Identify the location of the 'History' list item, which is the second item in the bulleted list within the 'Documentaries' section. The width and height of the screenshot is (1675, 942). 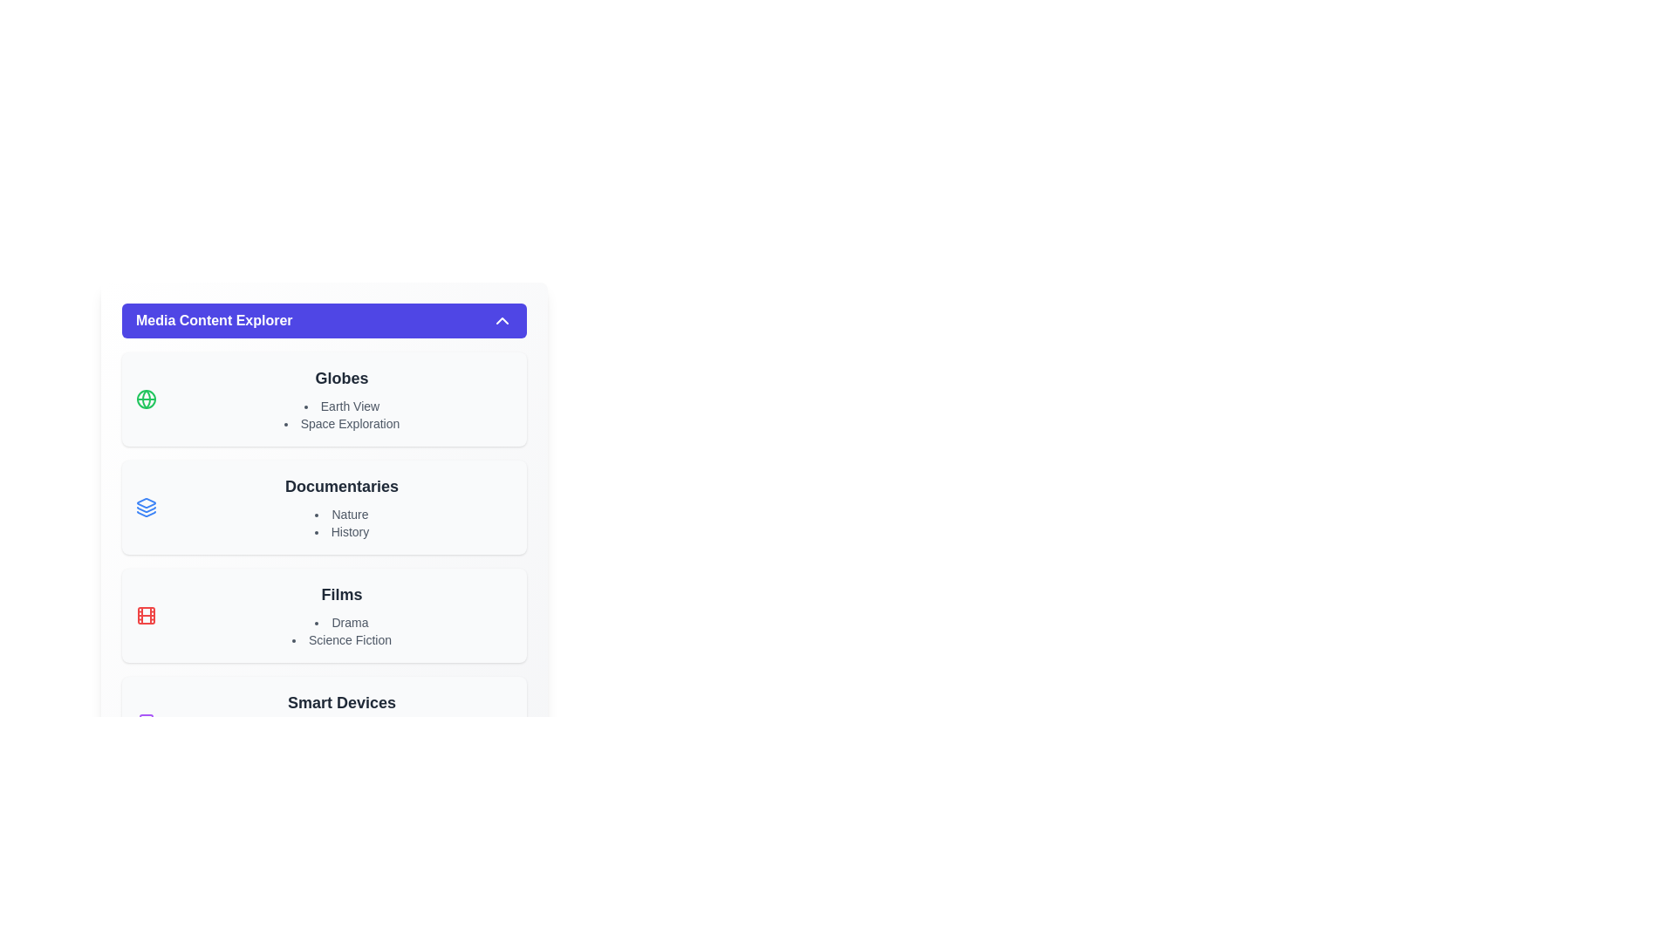
(342, 530).